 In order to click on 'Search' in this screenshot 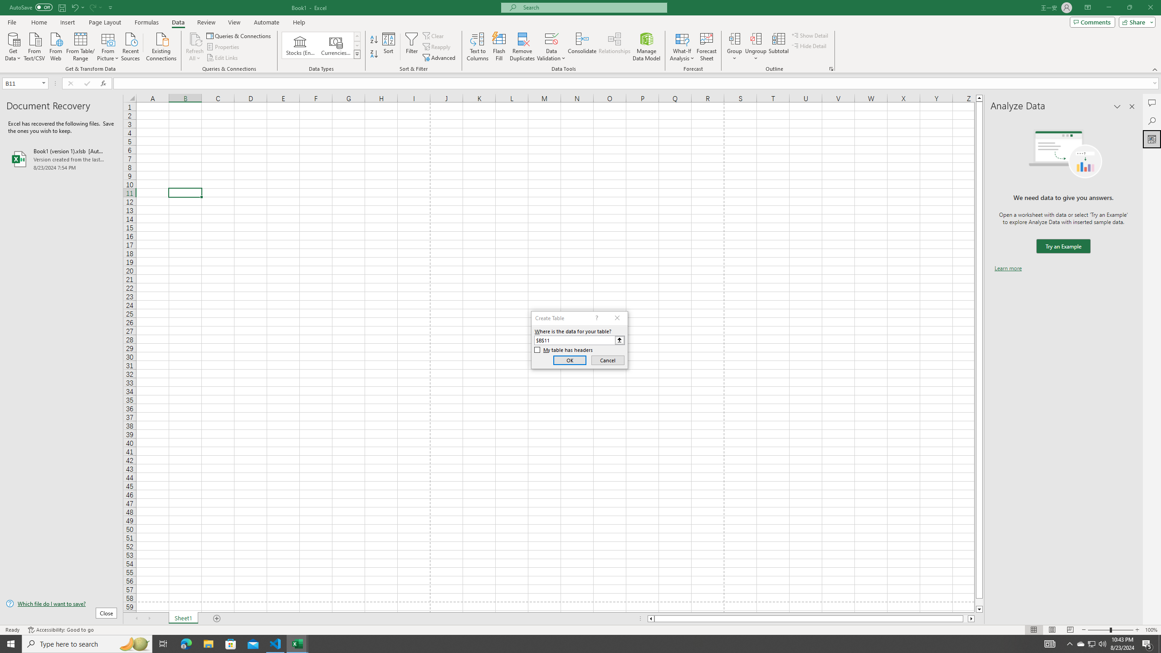, I will do `click(1151, 121)`.